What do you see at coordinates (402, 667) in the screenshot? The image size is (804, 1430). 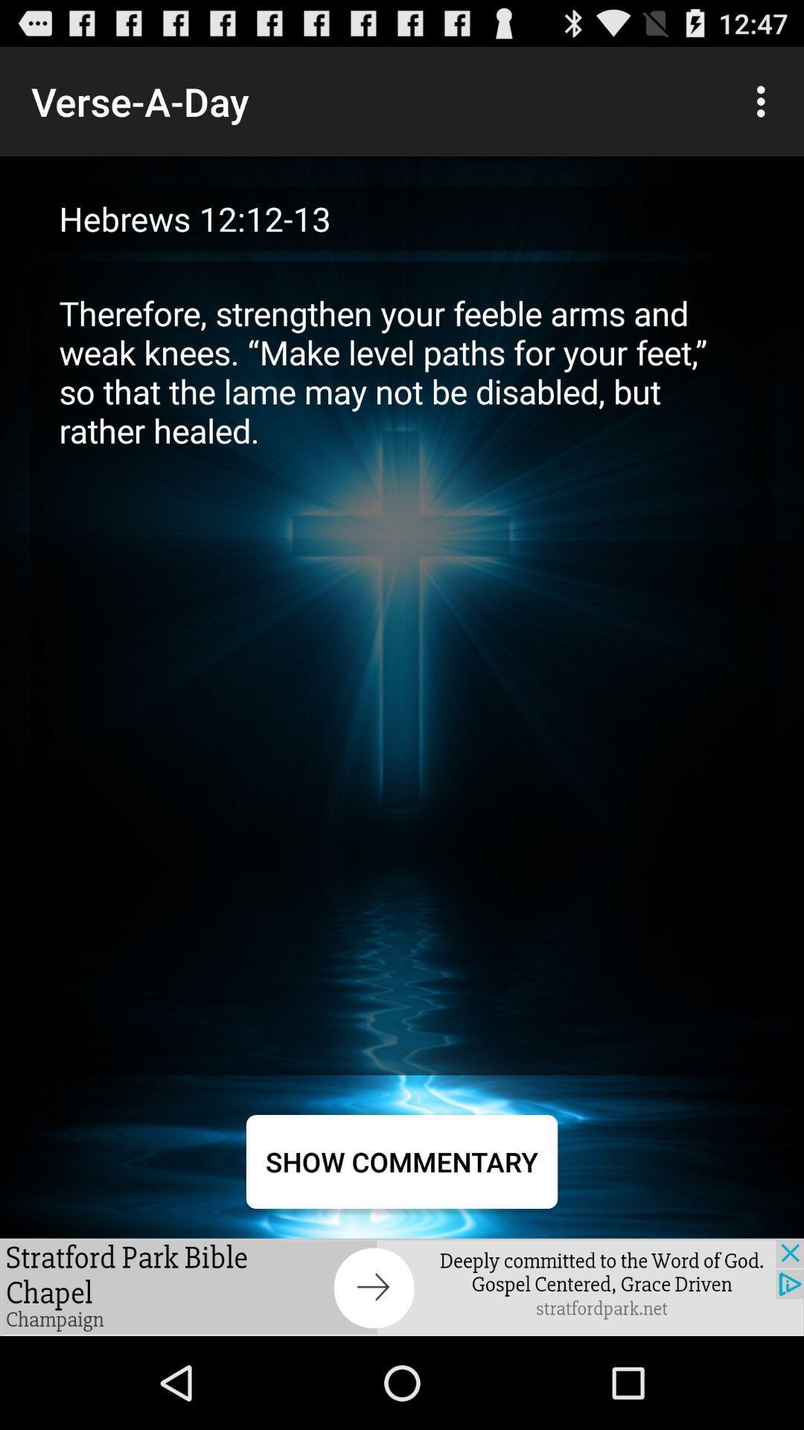 I see `the therefore strengthen your icon` at bounding box center [402, 667].